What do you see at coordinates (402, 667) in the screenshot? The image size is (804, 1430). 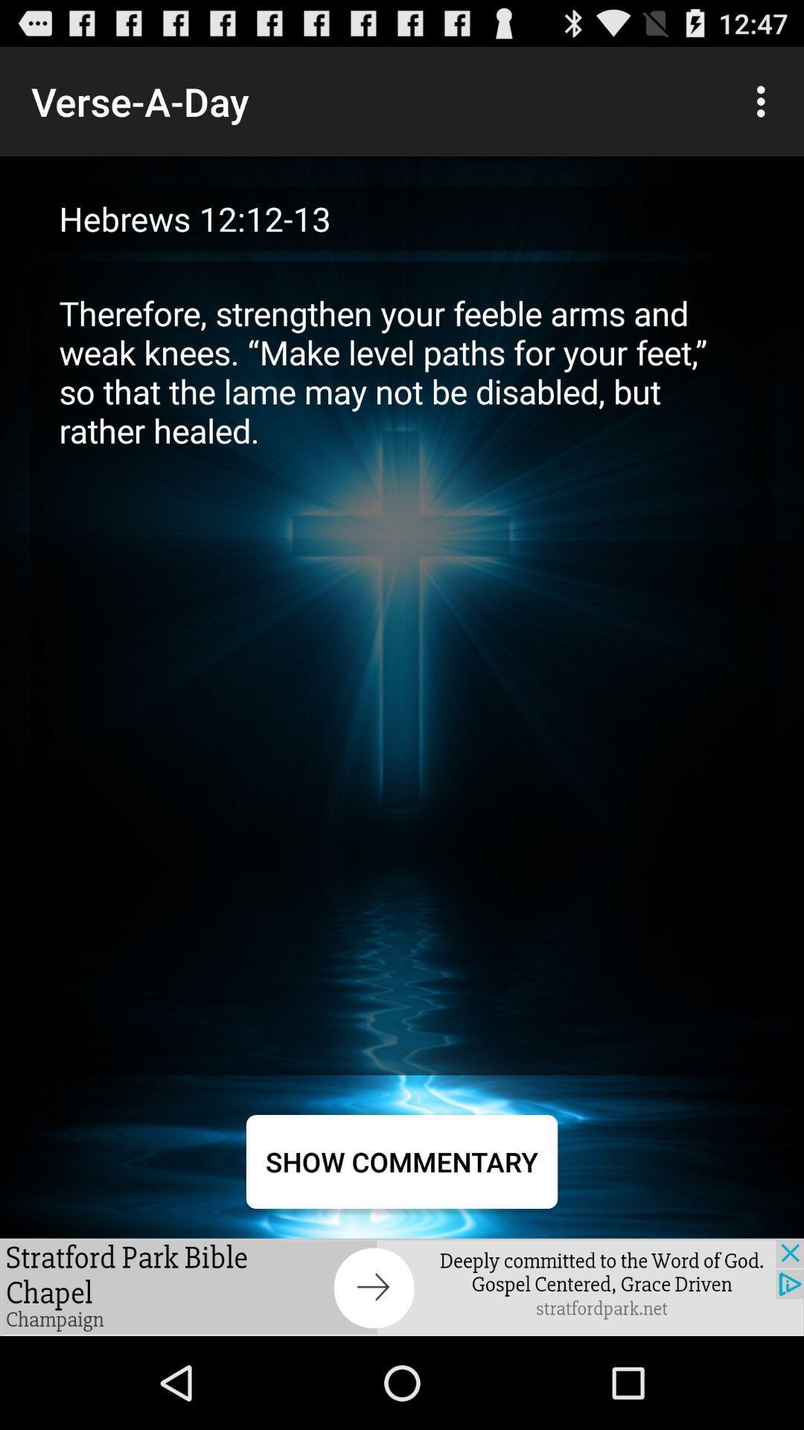 I see `the therefore strengthen your icon` at bounding box center [402, 667].